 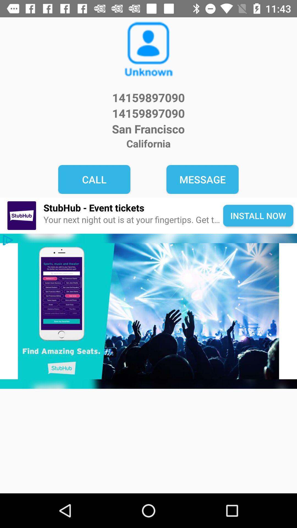 What do you see at coordinates (94, 179) in the screenshot?
I see `item next to the message icon` at bounding box center [94, 179].